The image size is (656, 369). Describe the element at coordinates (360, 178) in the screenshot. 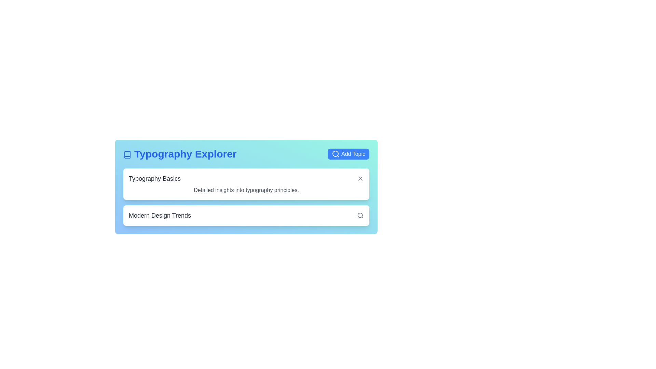

I see `the button located at the right end of the 'Typography Basics' header` at that location.